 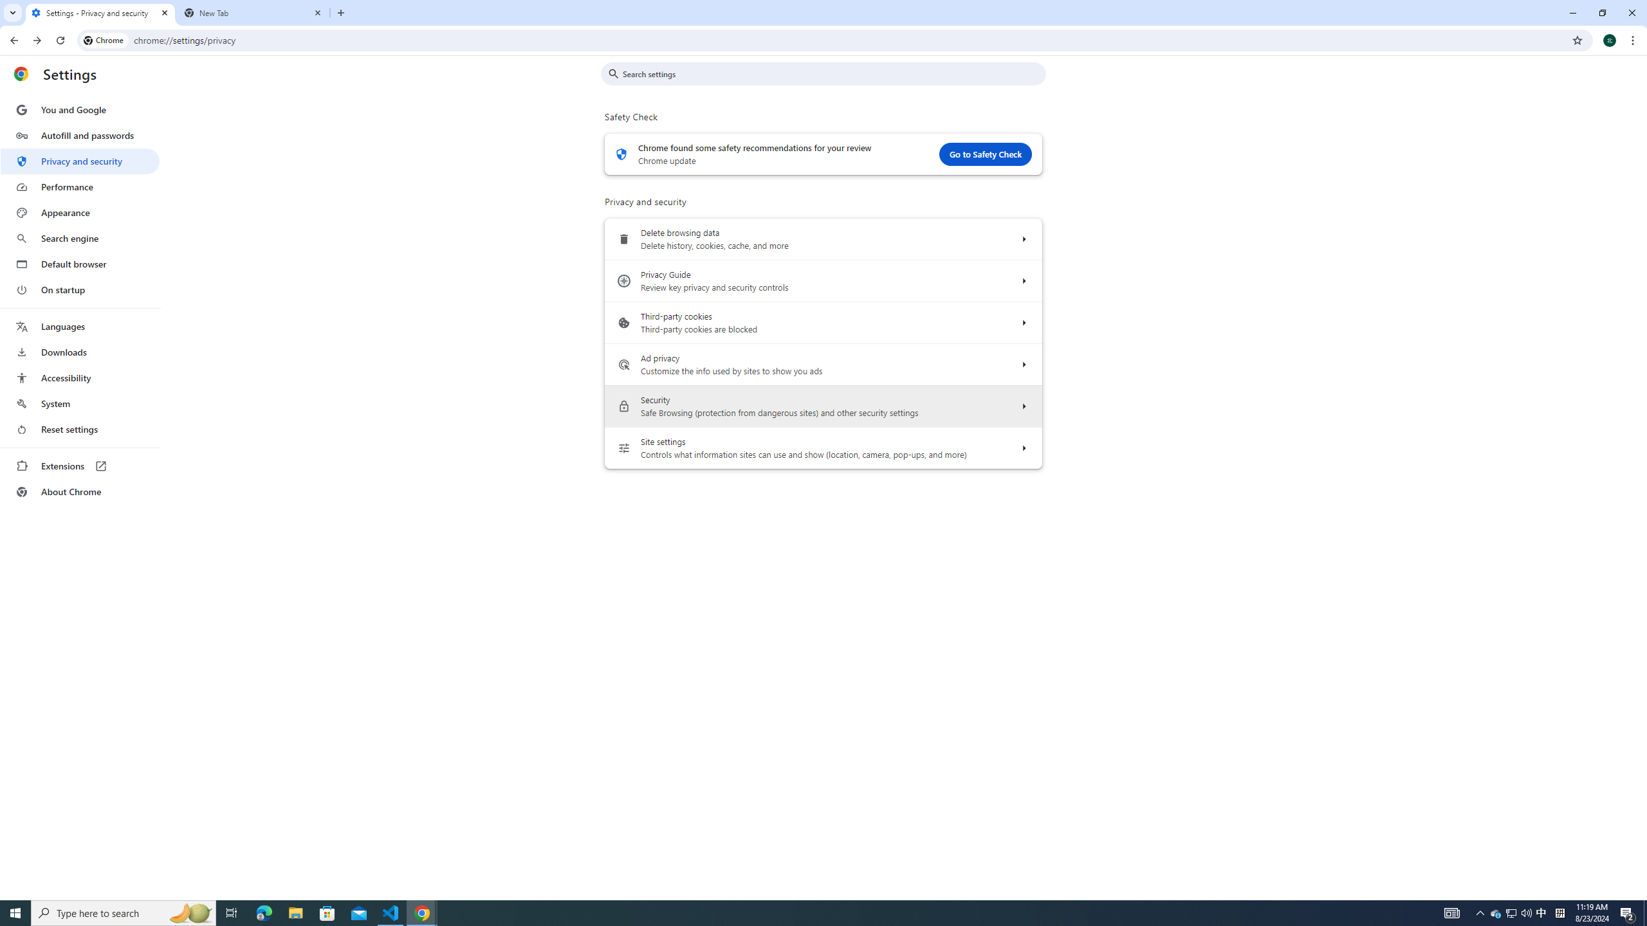 What do you see at coordinates (79, 110) in the screenshot?
I see `'You and Google'` at bounding box center [79, 110].